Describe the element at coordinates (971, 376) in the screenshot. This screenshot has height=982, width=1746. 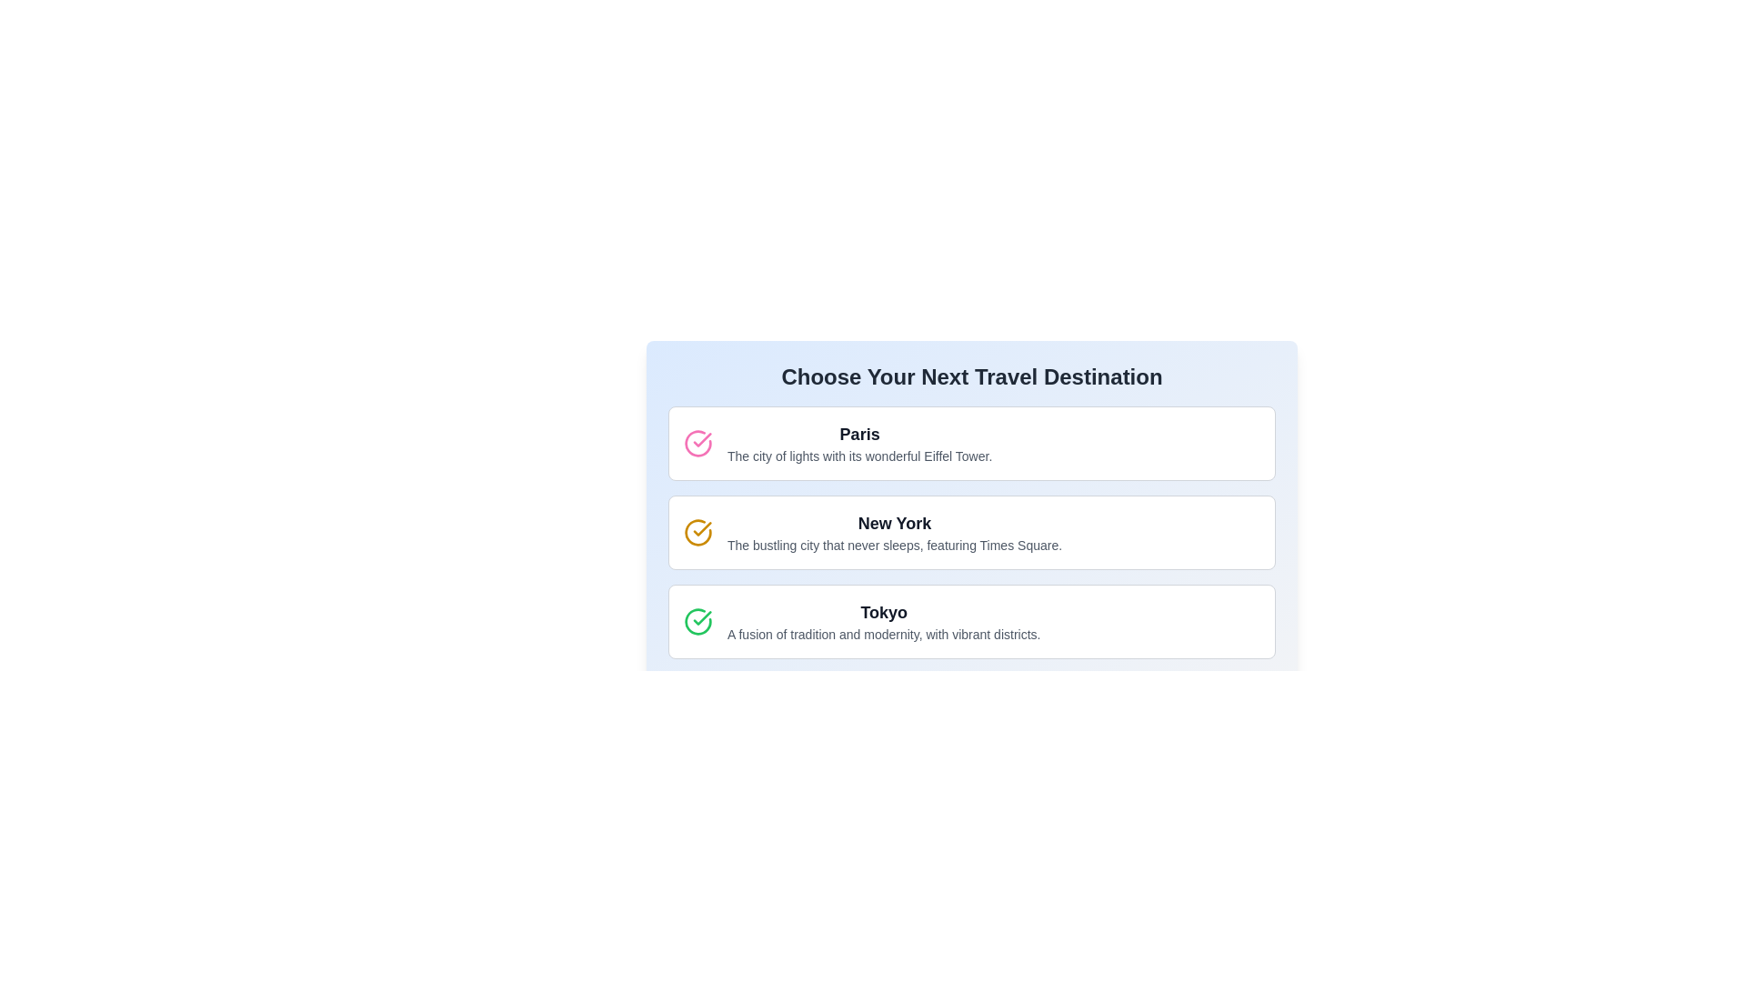
I see `heading text "Choose Your Next Travel Destination" located at the top of the travel destinations selection menu card` at that location.